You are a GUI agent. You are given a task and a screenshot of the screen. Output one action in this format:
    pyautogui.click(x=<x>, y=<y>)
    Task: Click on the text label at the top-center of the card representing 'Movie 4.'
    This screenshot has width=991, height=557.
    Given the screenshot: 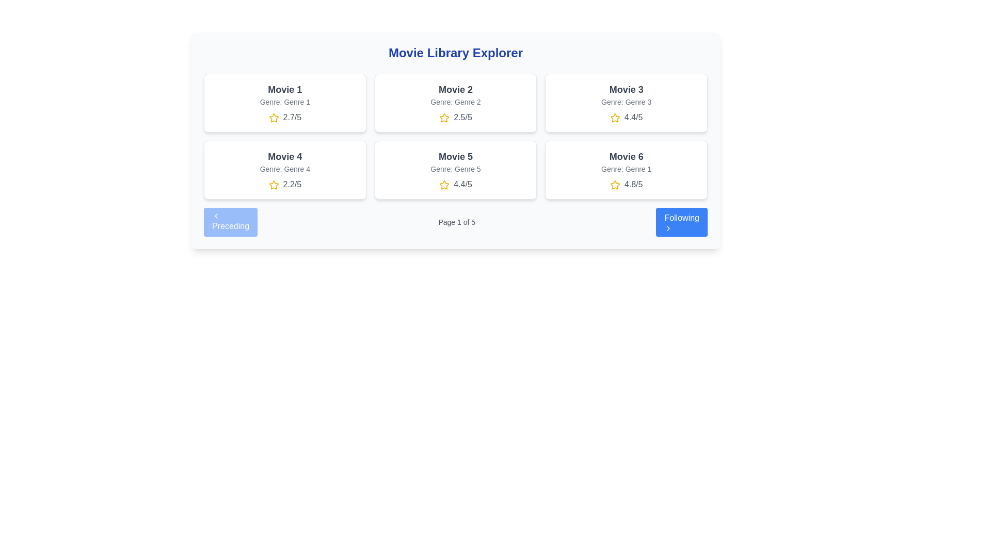 What is the action you would take?
    pyautogui.click(x=285, y=157)
    